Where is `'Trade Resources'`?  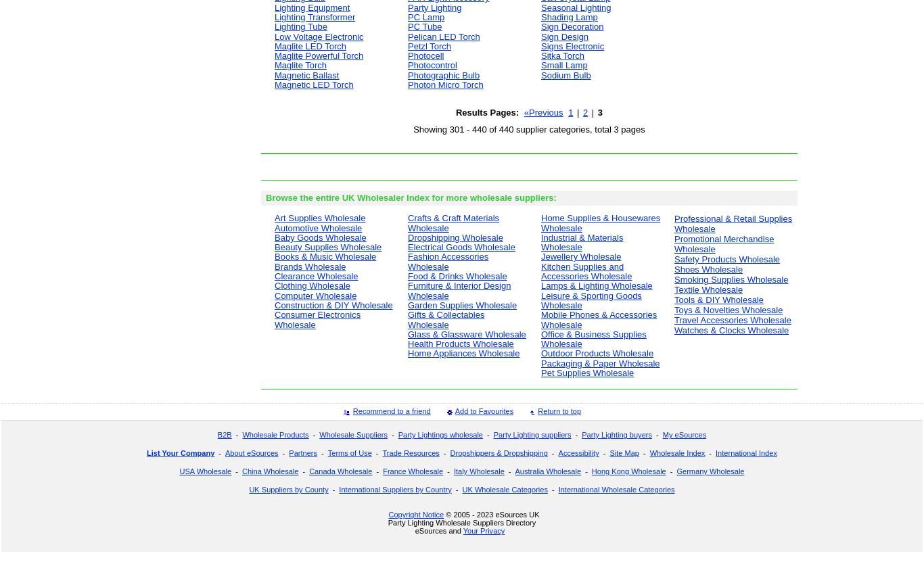 'Trade Resources' is located at coordinates (410, 453).